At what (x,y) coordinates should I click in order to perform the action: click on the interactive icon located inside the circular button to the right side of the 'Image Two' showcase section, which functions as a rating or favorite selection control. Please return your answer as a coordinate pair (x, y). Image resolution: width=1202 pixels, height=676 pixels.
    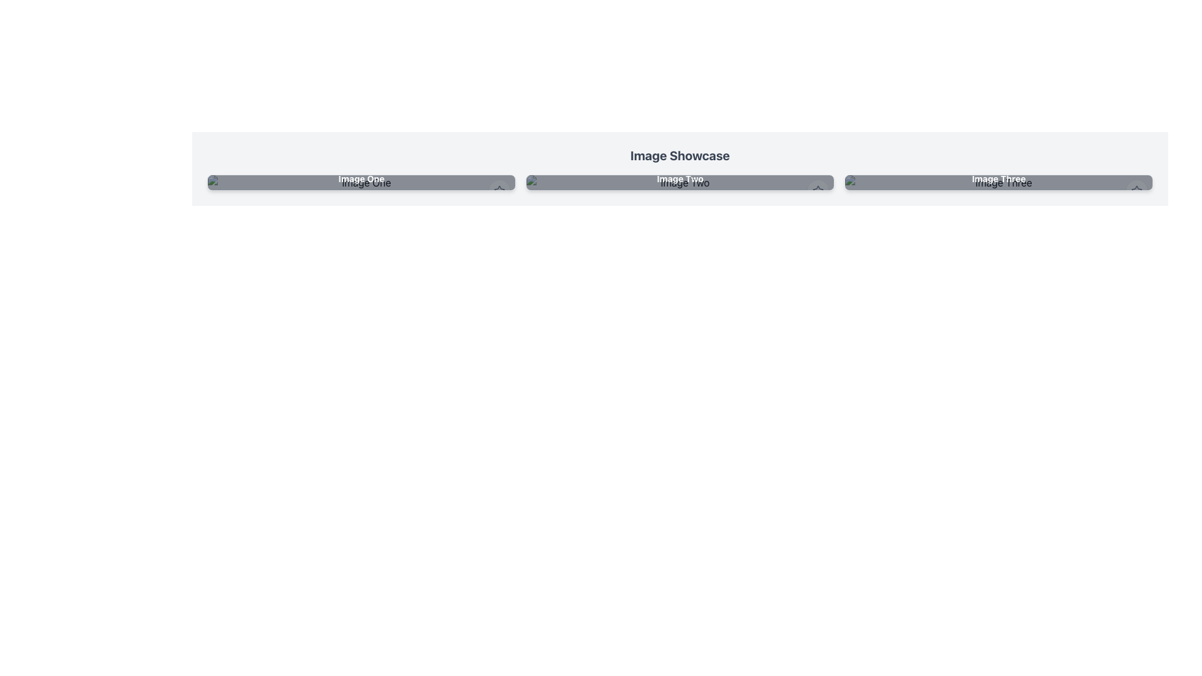
    Looking at the image, I should click on (818, 190).